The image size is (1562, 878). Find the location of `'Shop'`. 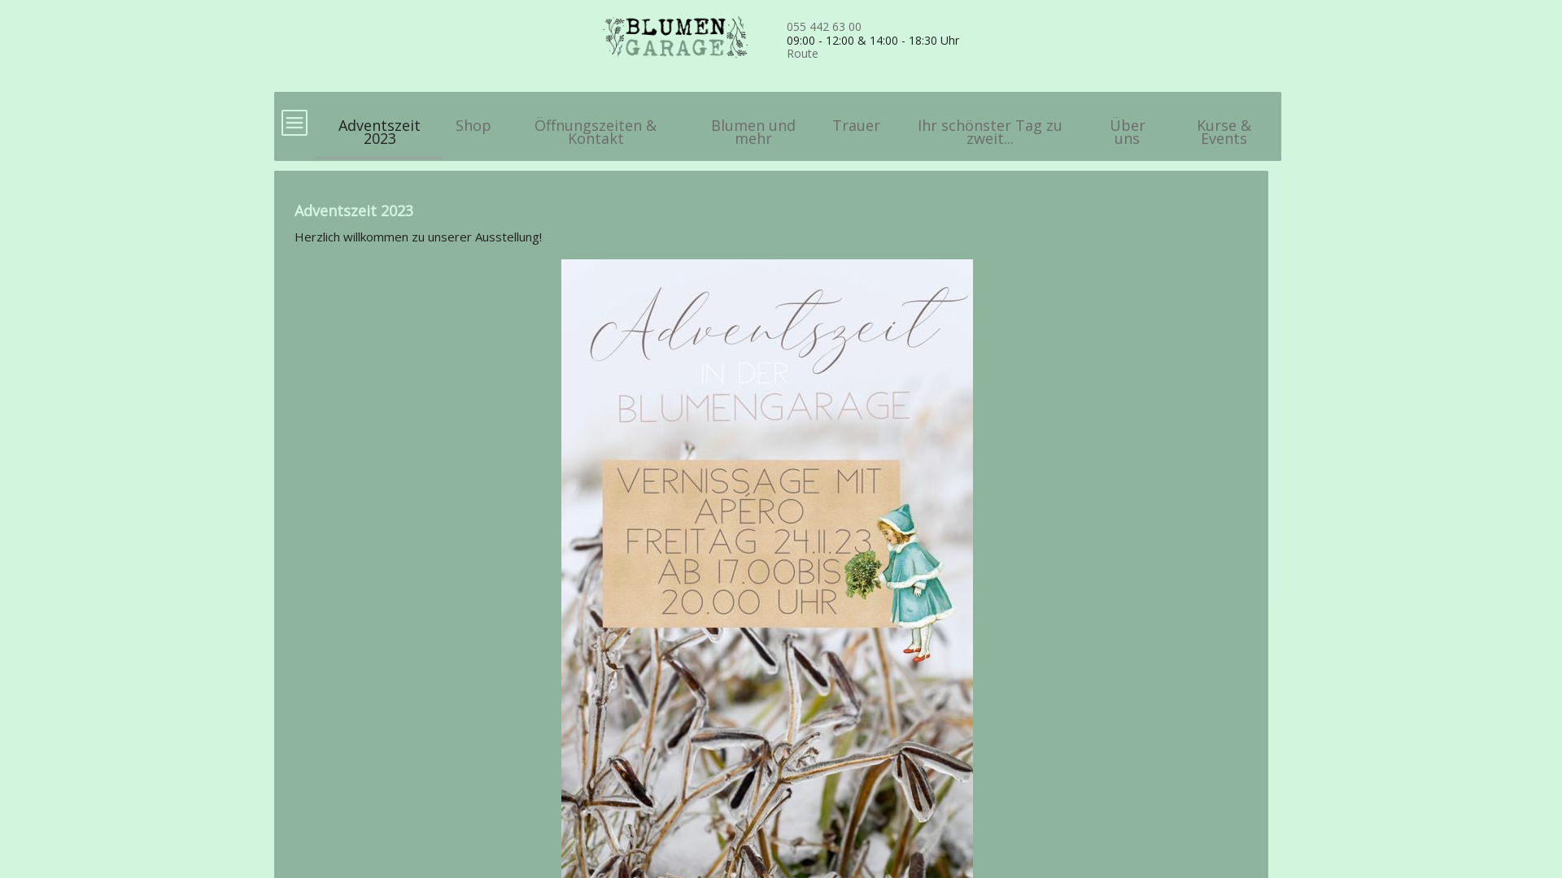

'Shop' is located at coordinates (472, 117).